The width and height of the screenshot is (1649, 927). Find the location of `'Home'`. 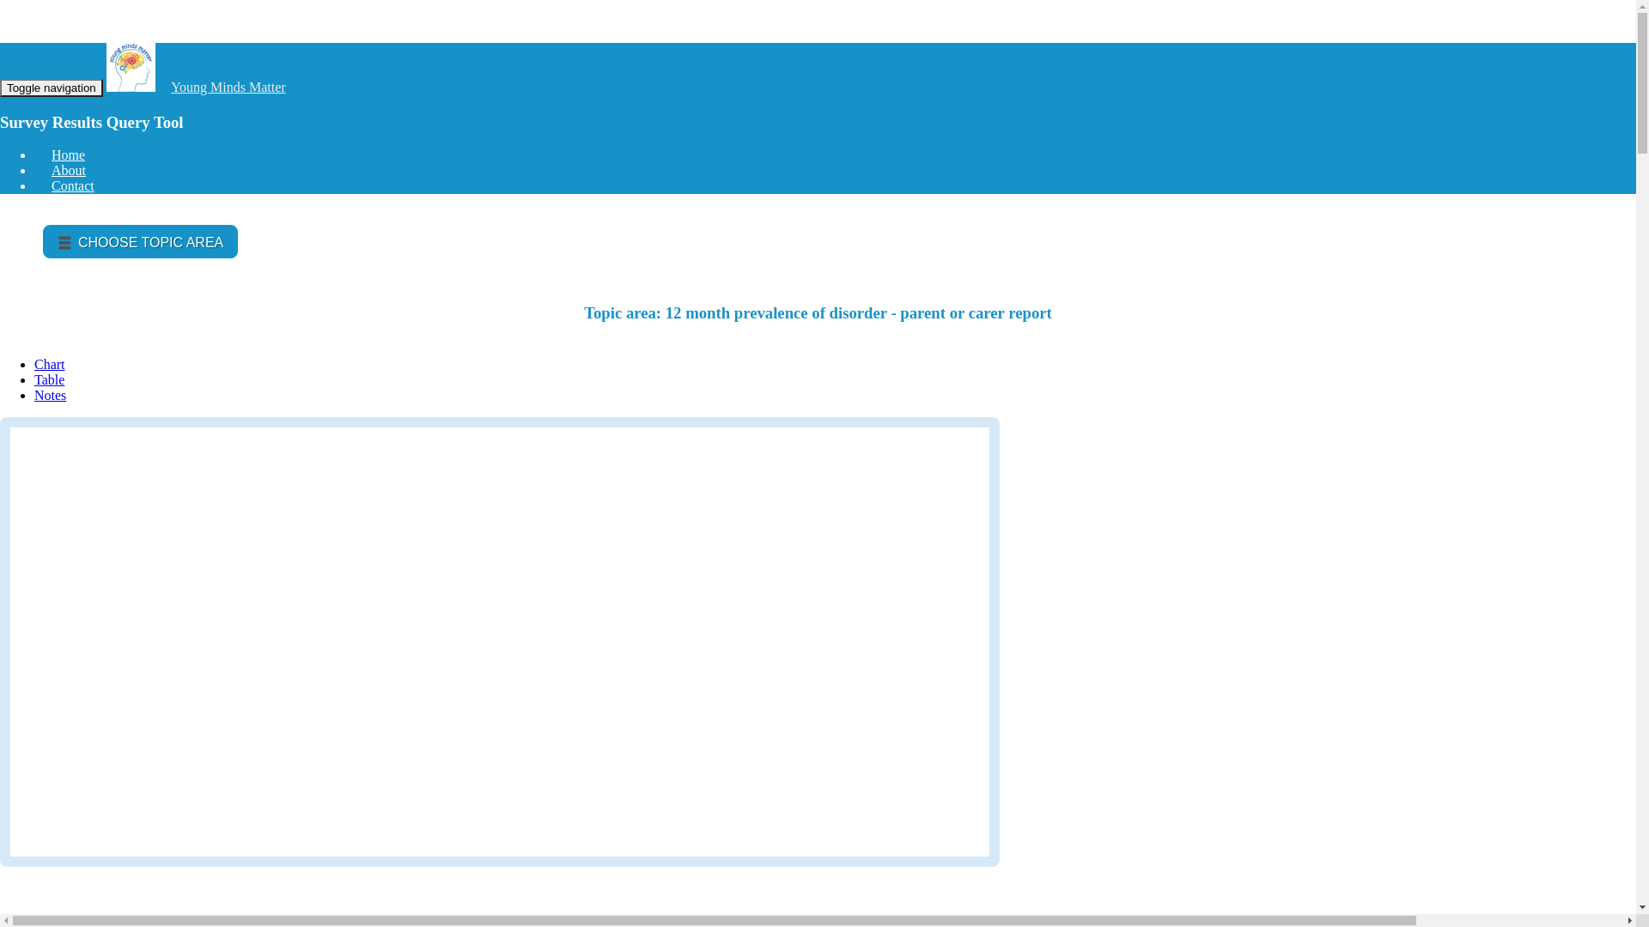

'Home' is located at coordinates (68, 154).